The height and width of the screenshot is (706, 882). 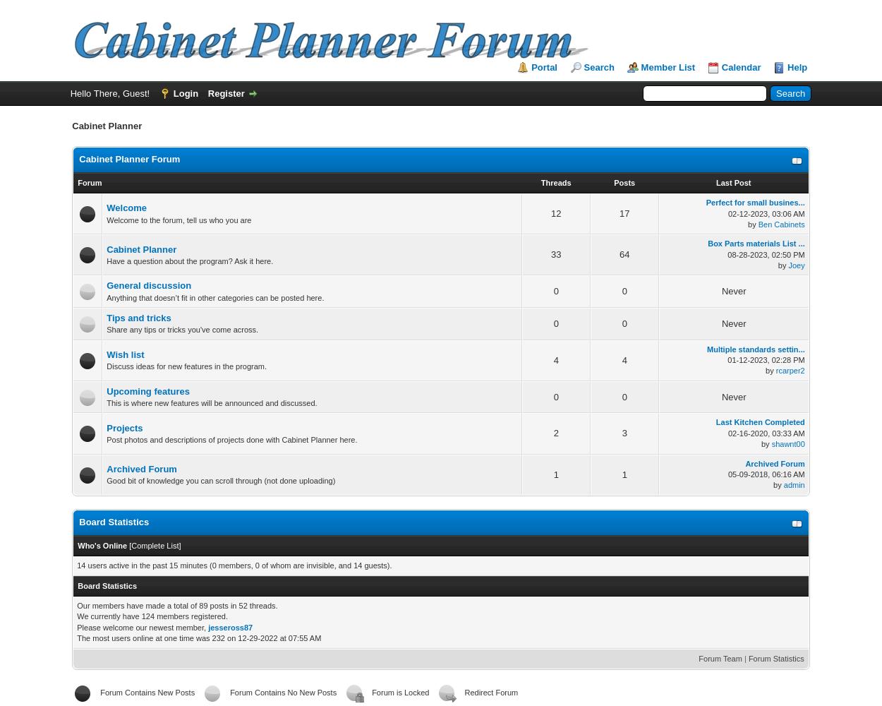 What do you see at coordinates (208, 627) in the screenshot?
I see `'jesseross87'` at bounding box center [208, 627].